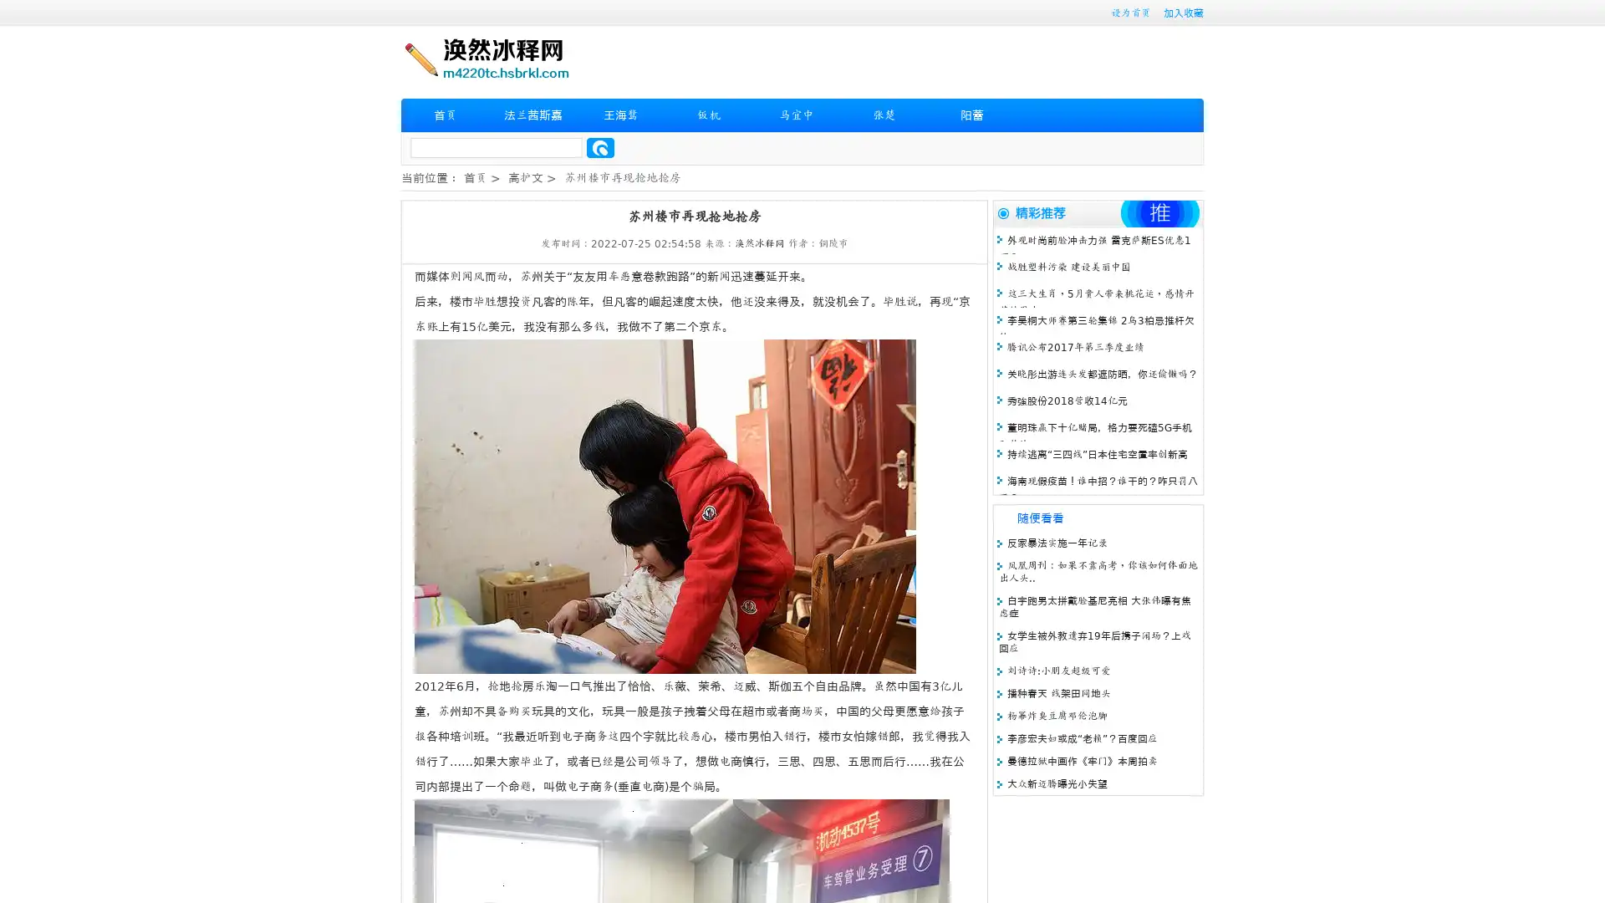  What do you see at coordinates (600, 147) in the screenshot?
I see `Search` at bounding box center [600, 147].